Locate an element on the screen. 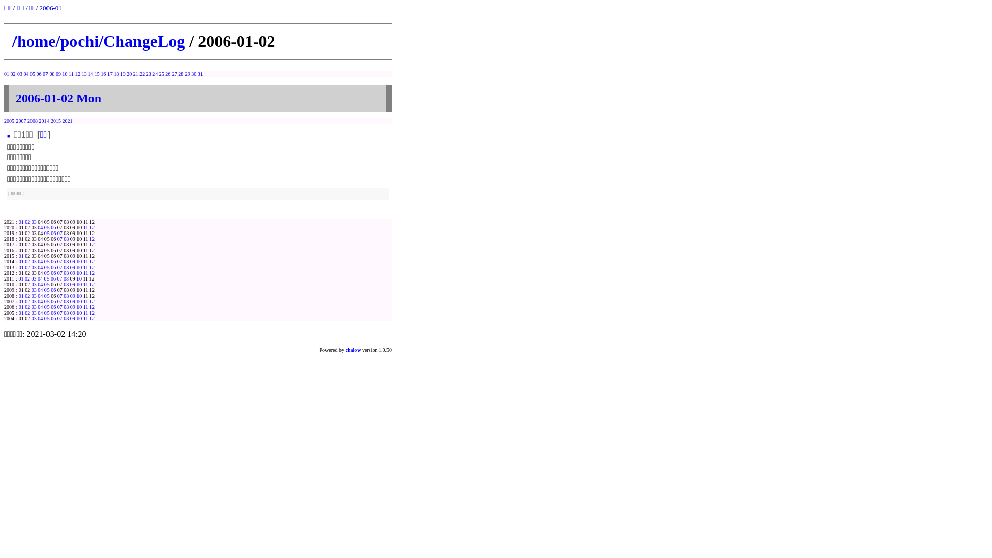 Image resolution: width=992 pixels, height=558 pixels. '07' is located at coordinates (59, 233).